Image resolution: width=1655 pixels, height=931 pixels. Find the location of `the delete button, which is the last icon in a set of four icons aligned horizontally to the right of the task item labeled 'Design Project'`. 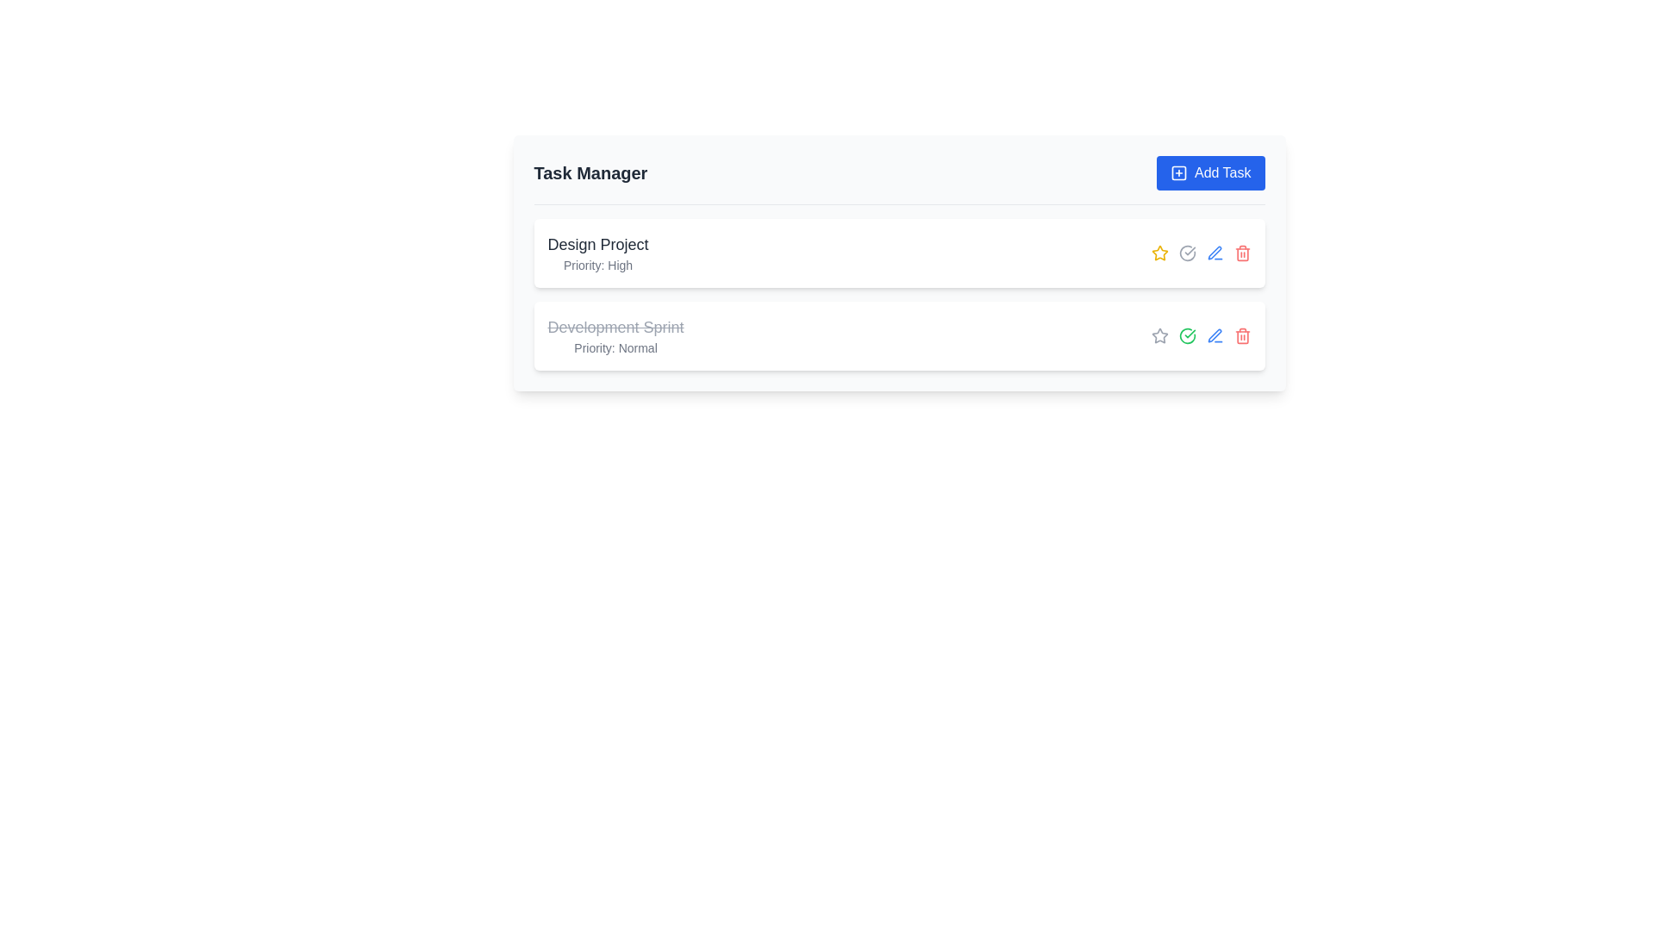

the delete button, which is the last icon in a set of four icons aligned horizontally to the right of the task item labeled 'Design Project' is located at coordinates (1242, 253).